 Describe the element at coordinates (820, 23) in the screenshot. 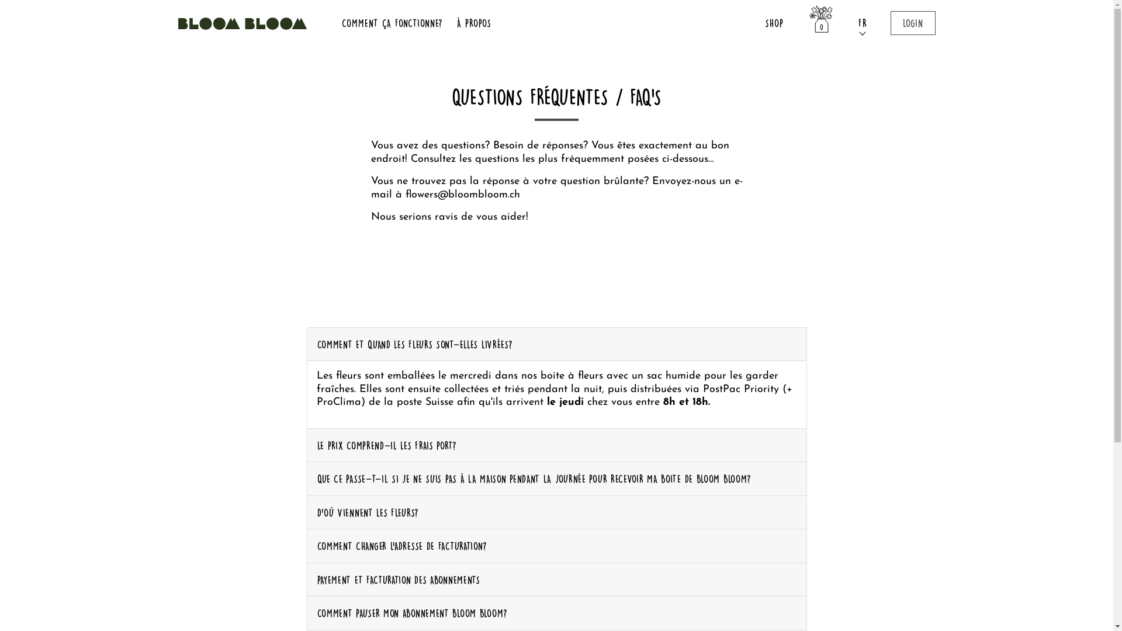

I see `'0'` at that location.